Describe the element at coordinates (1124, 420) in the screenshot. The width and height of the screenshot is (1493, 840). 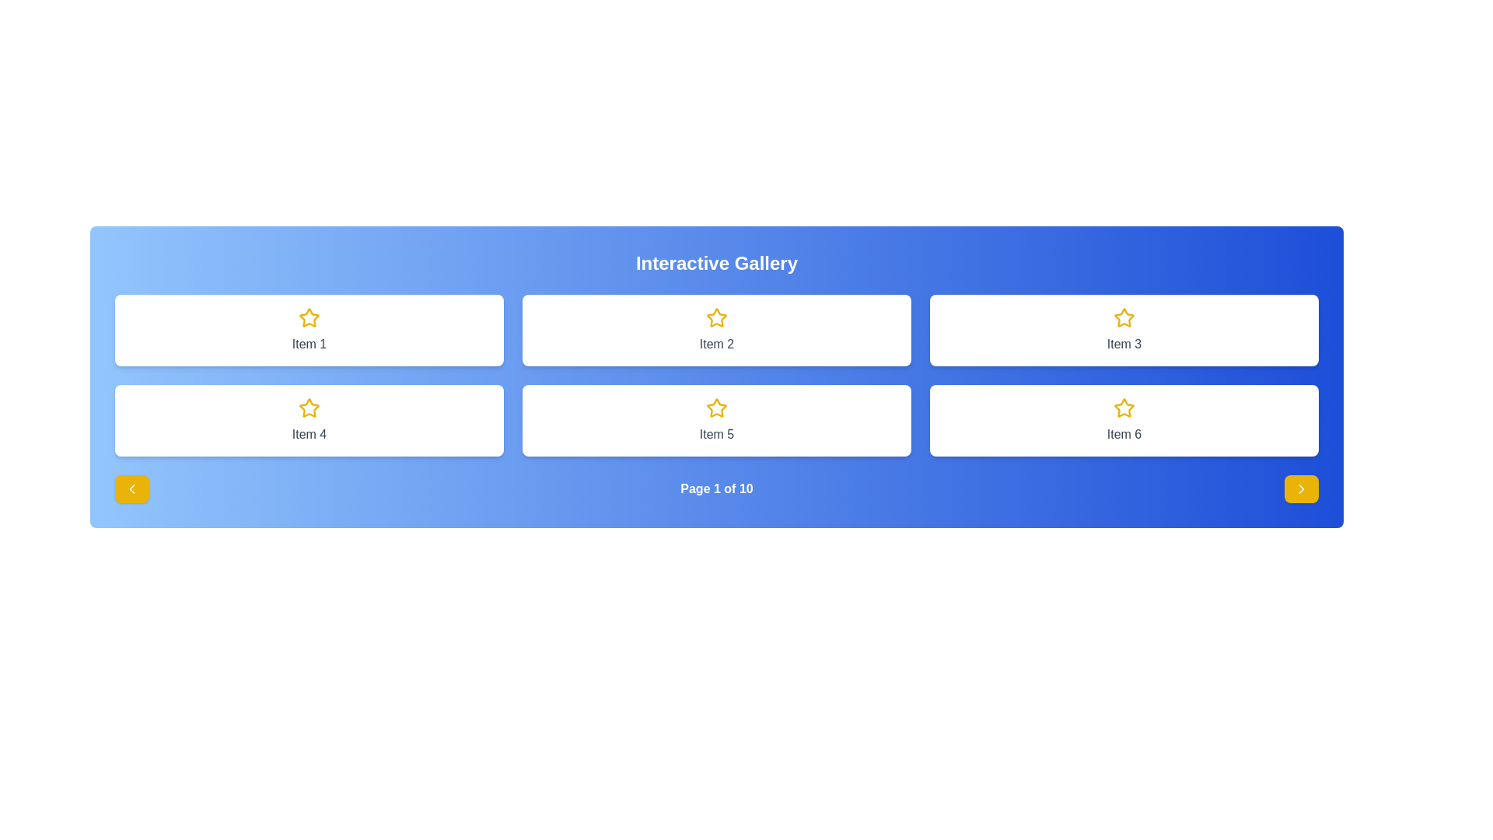
I see `the rightmost card in the bottom row of a 3x2 grid layout, which features a white background, rounded corners, a drop shadow, a yellow outlined star icon, and the text 'Item 6'` at that location.